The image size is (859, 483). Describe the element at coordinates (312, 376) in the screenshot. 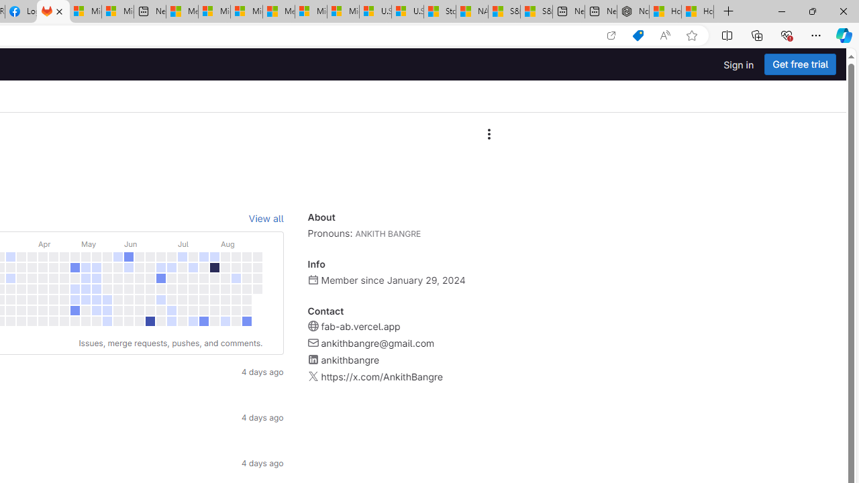

I see `'Class: s16 gl-fill-icon-subtle gl-mt-1 flex-shrink-0'` at that location.